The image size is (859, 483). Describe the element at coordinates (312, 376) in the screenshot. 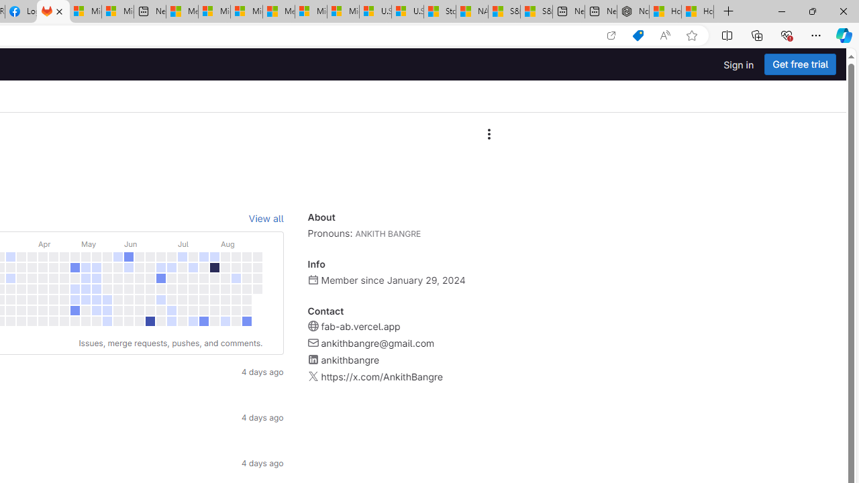

I see `'Class: s16 gl-fill-icon-subtle gl-mt-1 flex-shrink-0'` at that location.